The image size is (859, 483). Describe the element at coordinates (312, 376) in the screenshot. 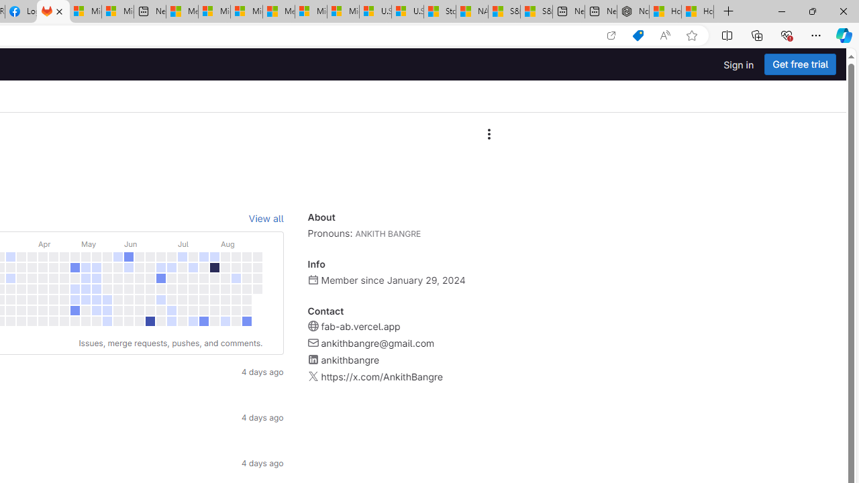

I see `'Class: s16 gl-fill-icon-subtle gl-mt-1 flex-shrink-0'` at that location.